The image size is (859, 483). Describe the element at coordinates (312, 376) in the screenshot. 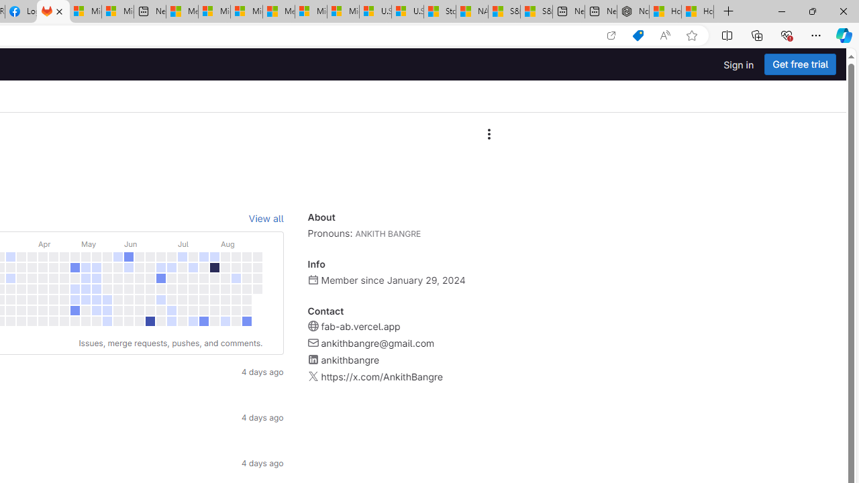

I see `'Class: s16 gl-fill-icon-subtle gl-mt-1 flex-shrink-0'` at that location.